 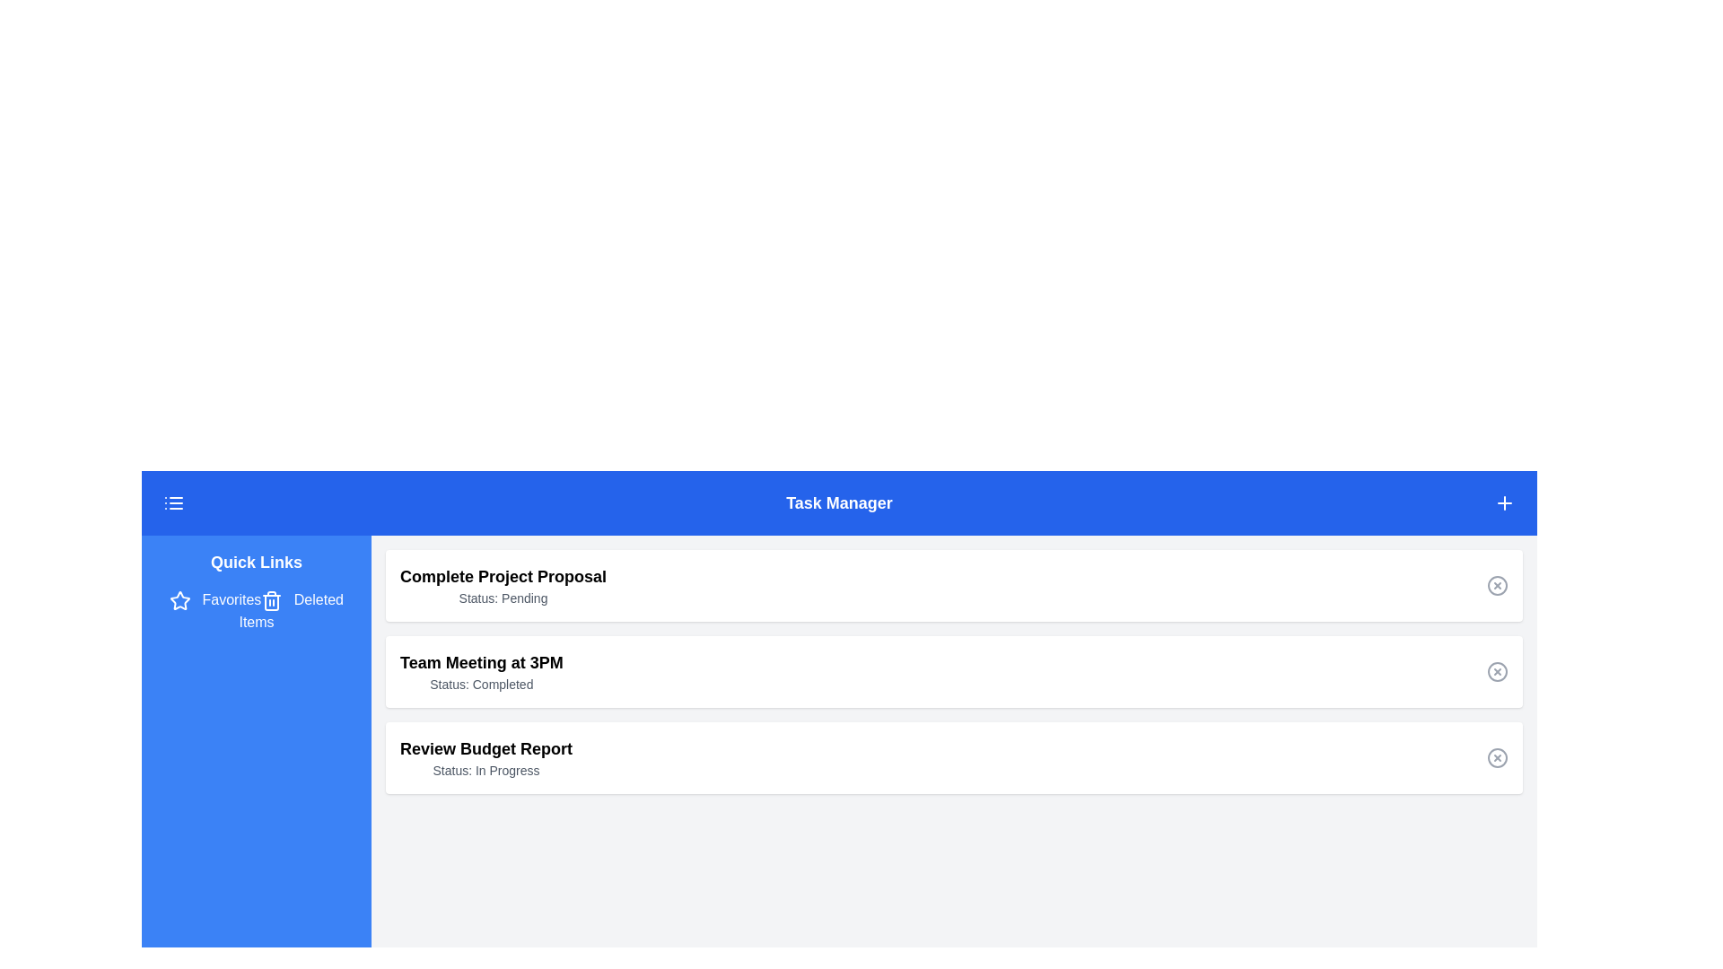 I want to click on the text display element that reads 'Team Meeting at 3PM', which is styled in a larger bold font and is positioned above the 'Status: Completed' text, so click(x=481, y=663).